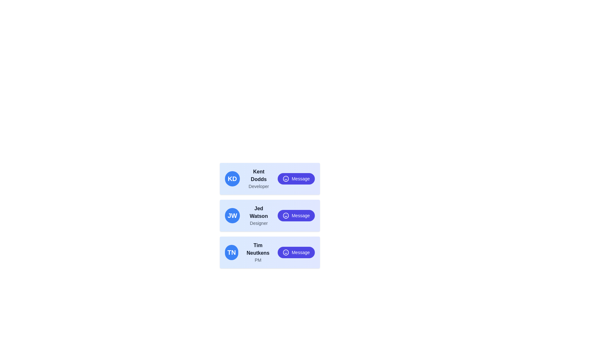 This screenshot has width=610, height=343. I want to click on the rounded purple button labeled 'Message' with a smiley face icon in the upper right area of the second card containing 'Jed Watson', to initiate the messaging action, so click(296, 215).